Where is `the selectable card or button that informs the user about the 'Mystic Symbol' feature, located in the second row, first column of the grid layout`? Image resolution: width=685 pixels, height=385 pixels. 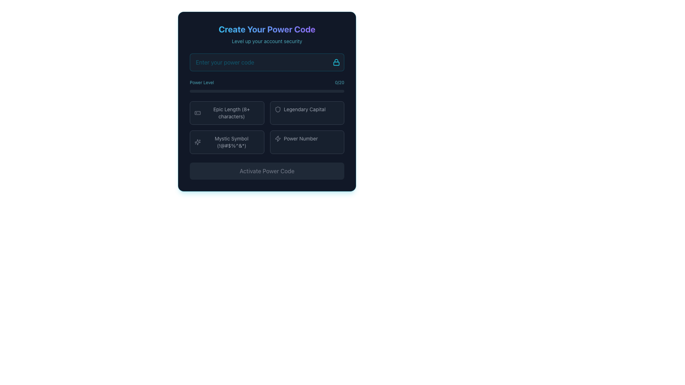
the selectable card or button that informs the user about the 'Mystic Symbol' feature, located in the second row, first column of the grid layout is located at coordinates (227, 142).